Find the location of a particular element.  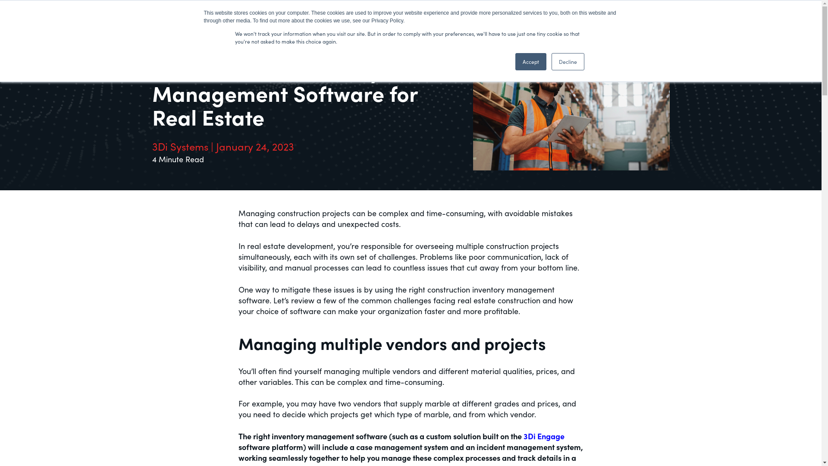

'Decline' is located at coordinates (567, 61).